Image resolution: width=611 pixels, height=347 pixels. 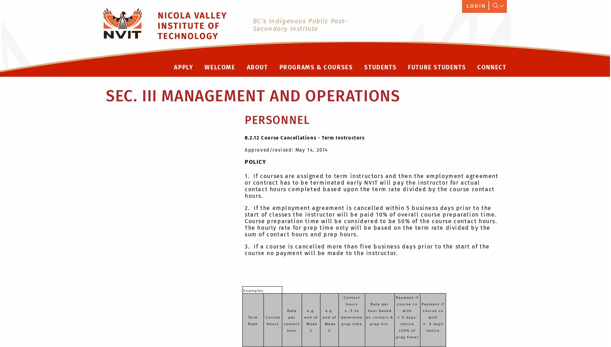 I want to click on 'Contact hours', so click(x=343, y=300).